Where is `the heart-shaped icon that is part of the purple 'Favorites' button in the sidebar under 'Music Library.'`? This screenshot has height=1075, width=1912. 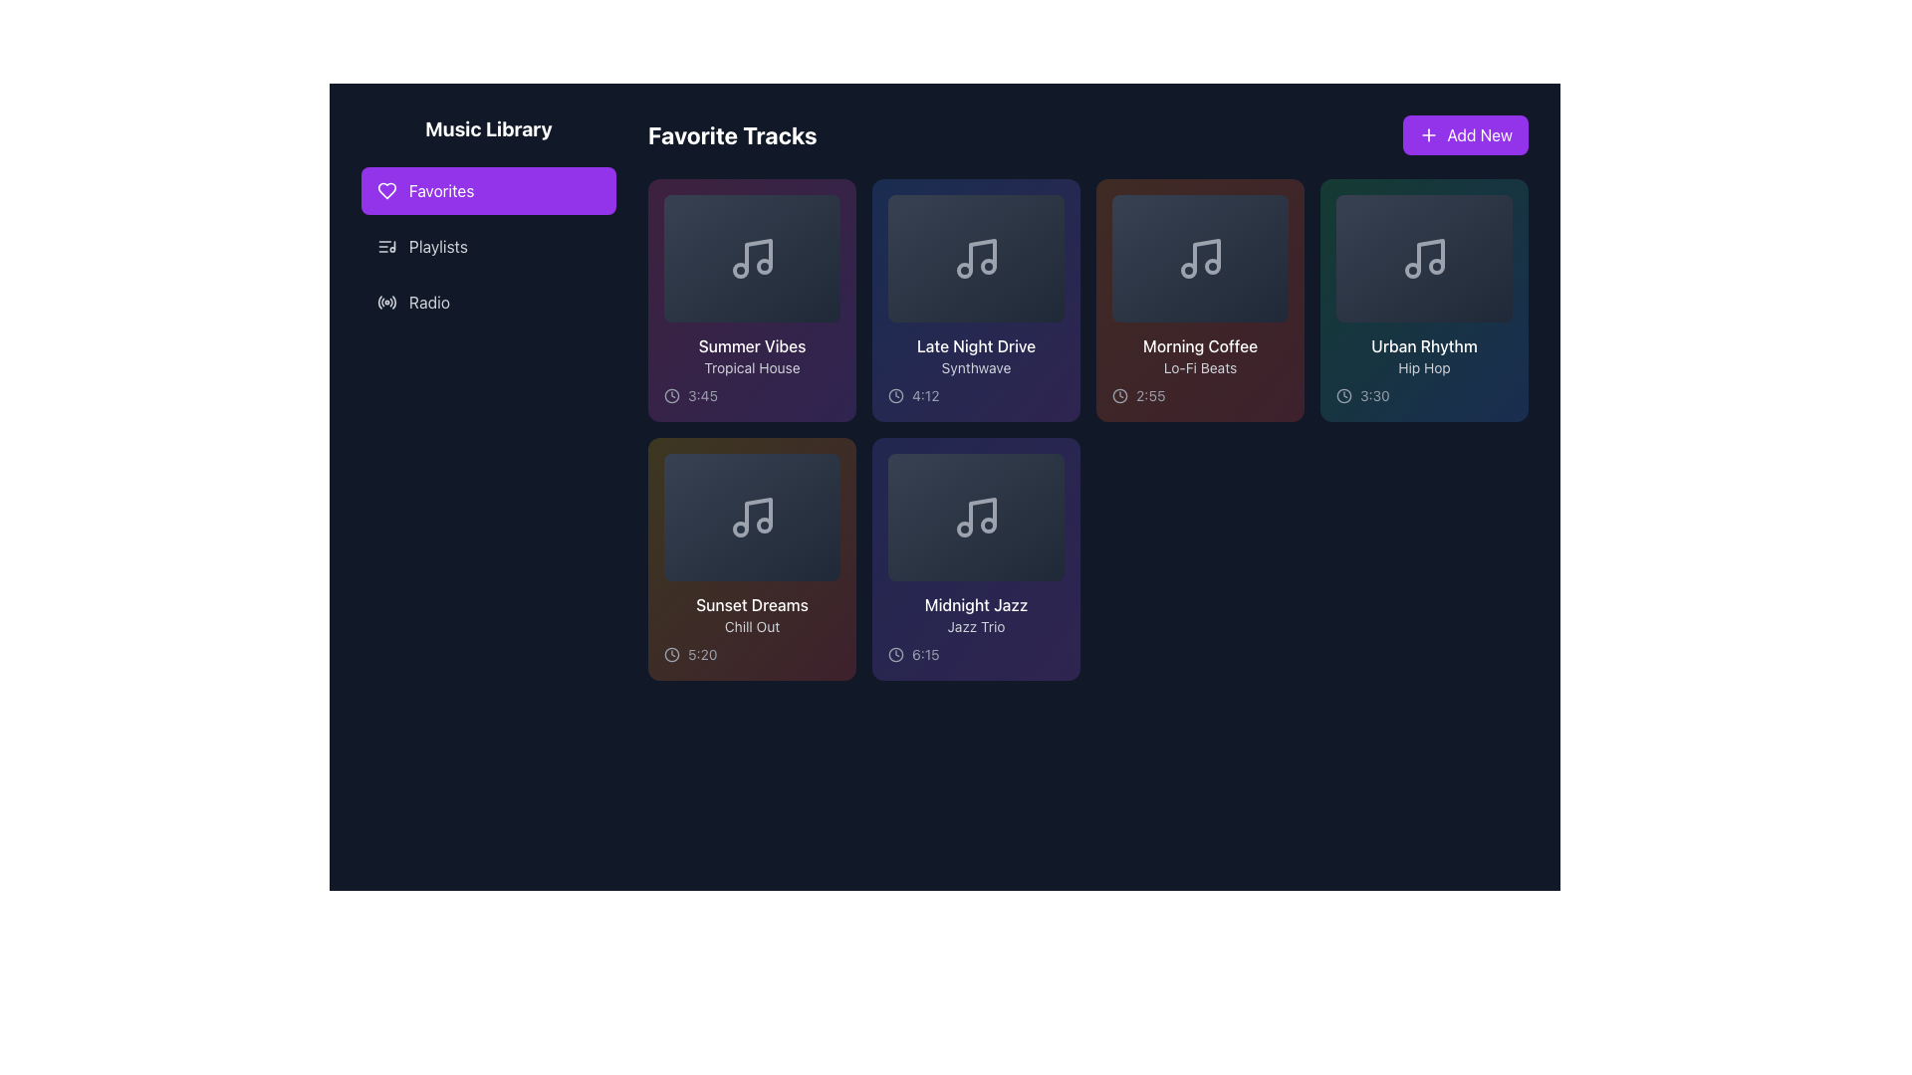 the heart-shaped icon that is part of the purple 'Favorites' button in the sidebar under 'Music Library.' is located at coordinates (386, 191).